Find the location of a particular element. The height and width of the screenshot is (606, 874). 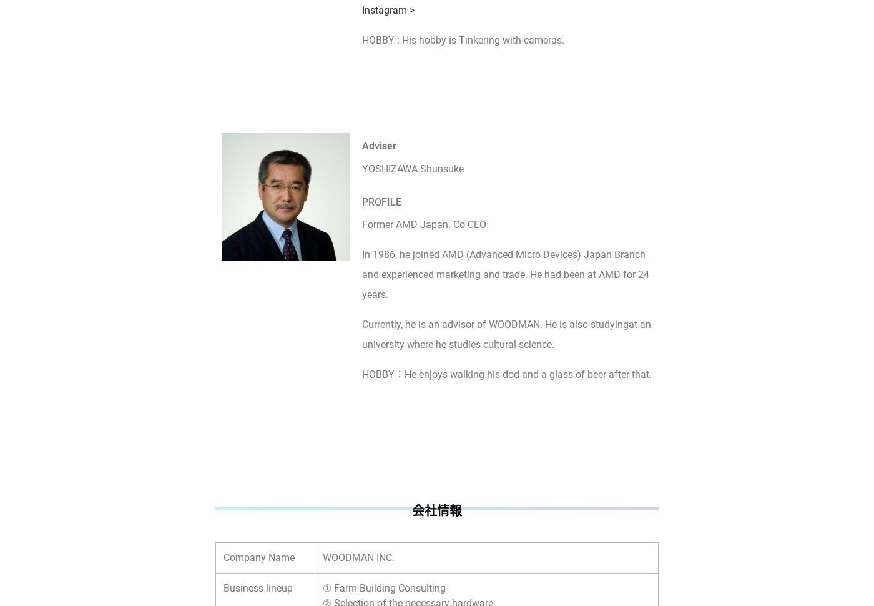

'Company Name' is located at coordinates (258, 557).